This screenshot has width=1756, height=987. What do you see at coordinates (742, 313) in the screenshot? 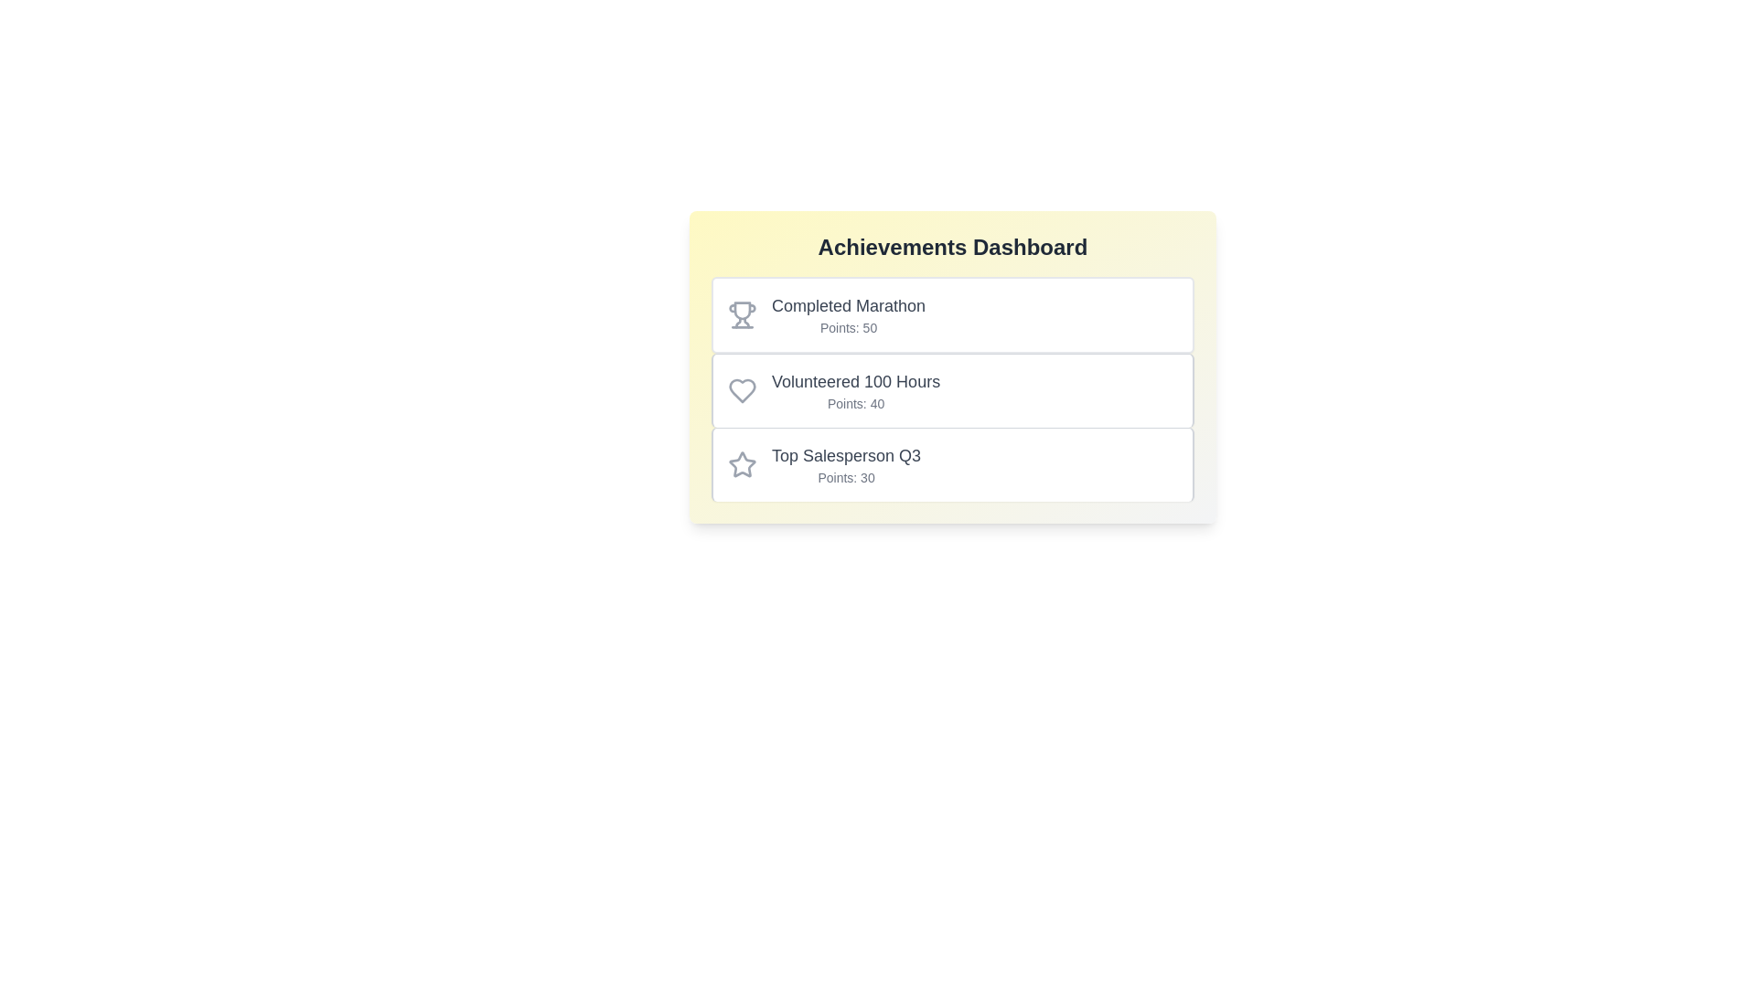
I see `the icon associated with the achievement Completed Marathon` at bounding box center [742, 313].